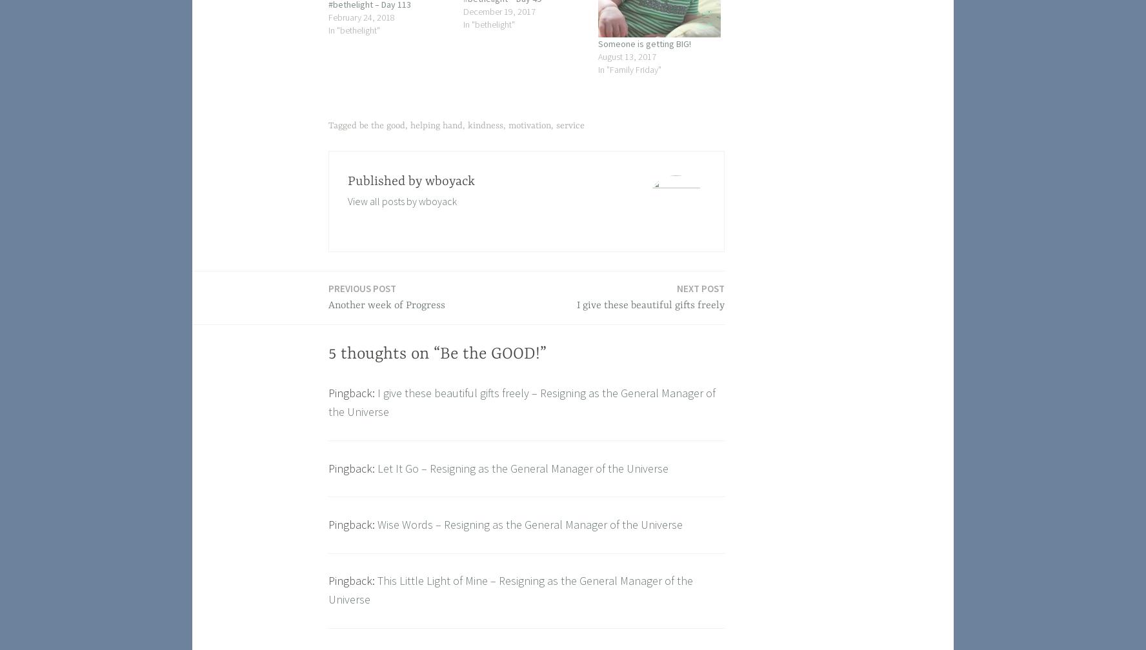  Describe the element at coordinates (700, 288) in the screenshot. I see `'Next post'` at that location.